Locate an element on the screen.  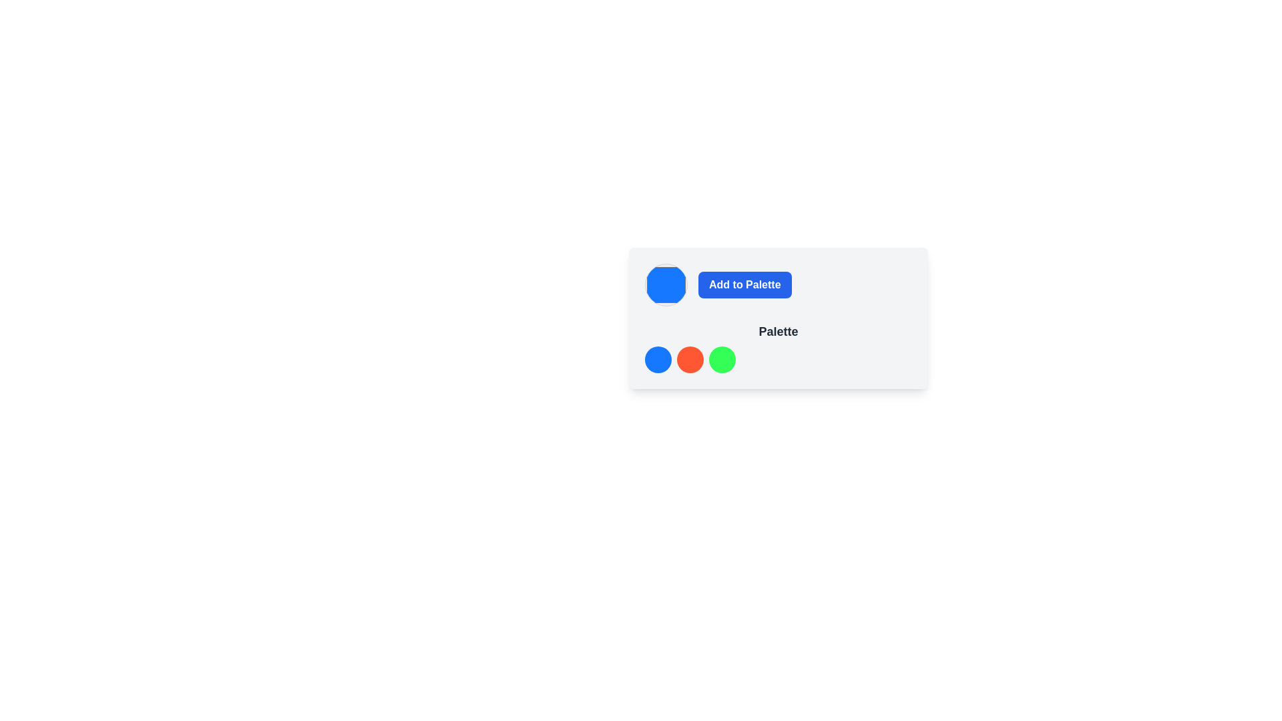
the second circular option indicator in the color palette selection interface is located at coordinates (690, 359).